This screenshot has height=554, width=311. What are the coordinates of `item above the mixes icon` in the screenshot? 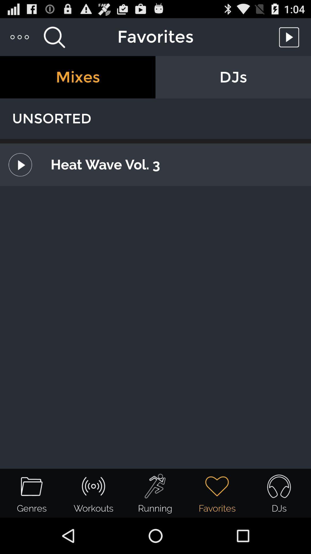 It's located at (20, 37).